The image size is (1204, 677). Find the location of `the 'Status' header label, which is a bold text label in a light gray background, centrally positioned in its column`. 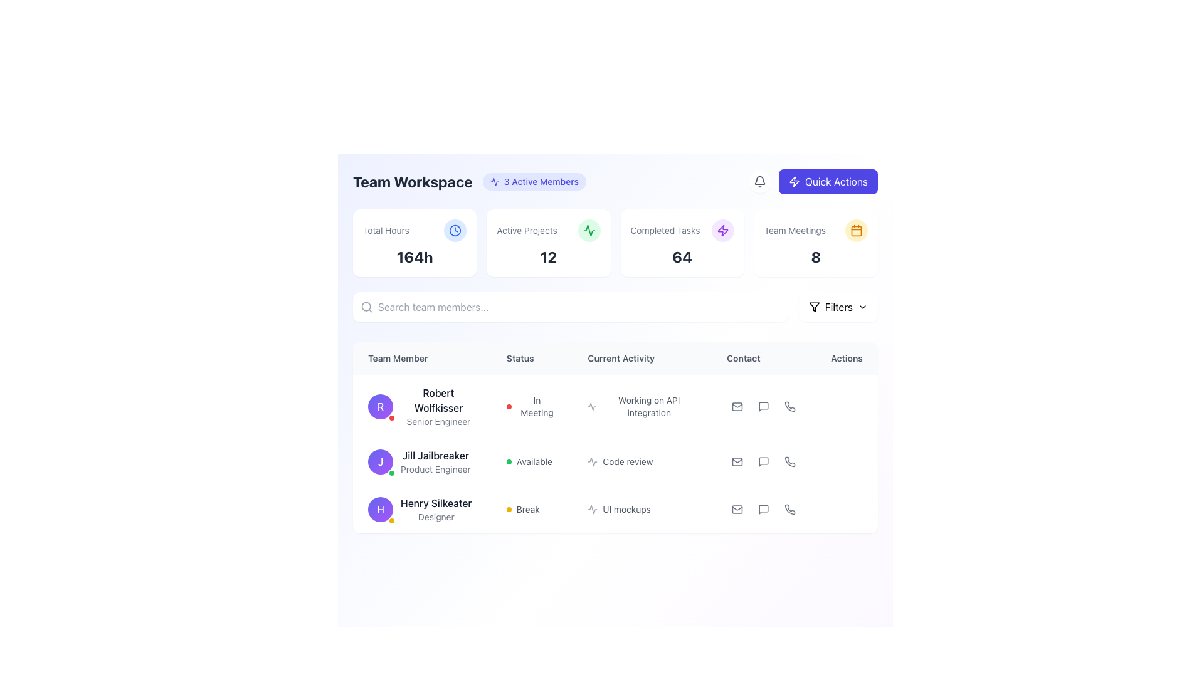

the 'Status' header label, which is a bold text label in a light gray background, centrally positioned in its column is located at coordinates (532, 359).